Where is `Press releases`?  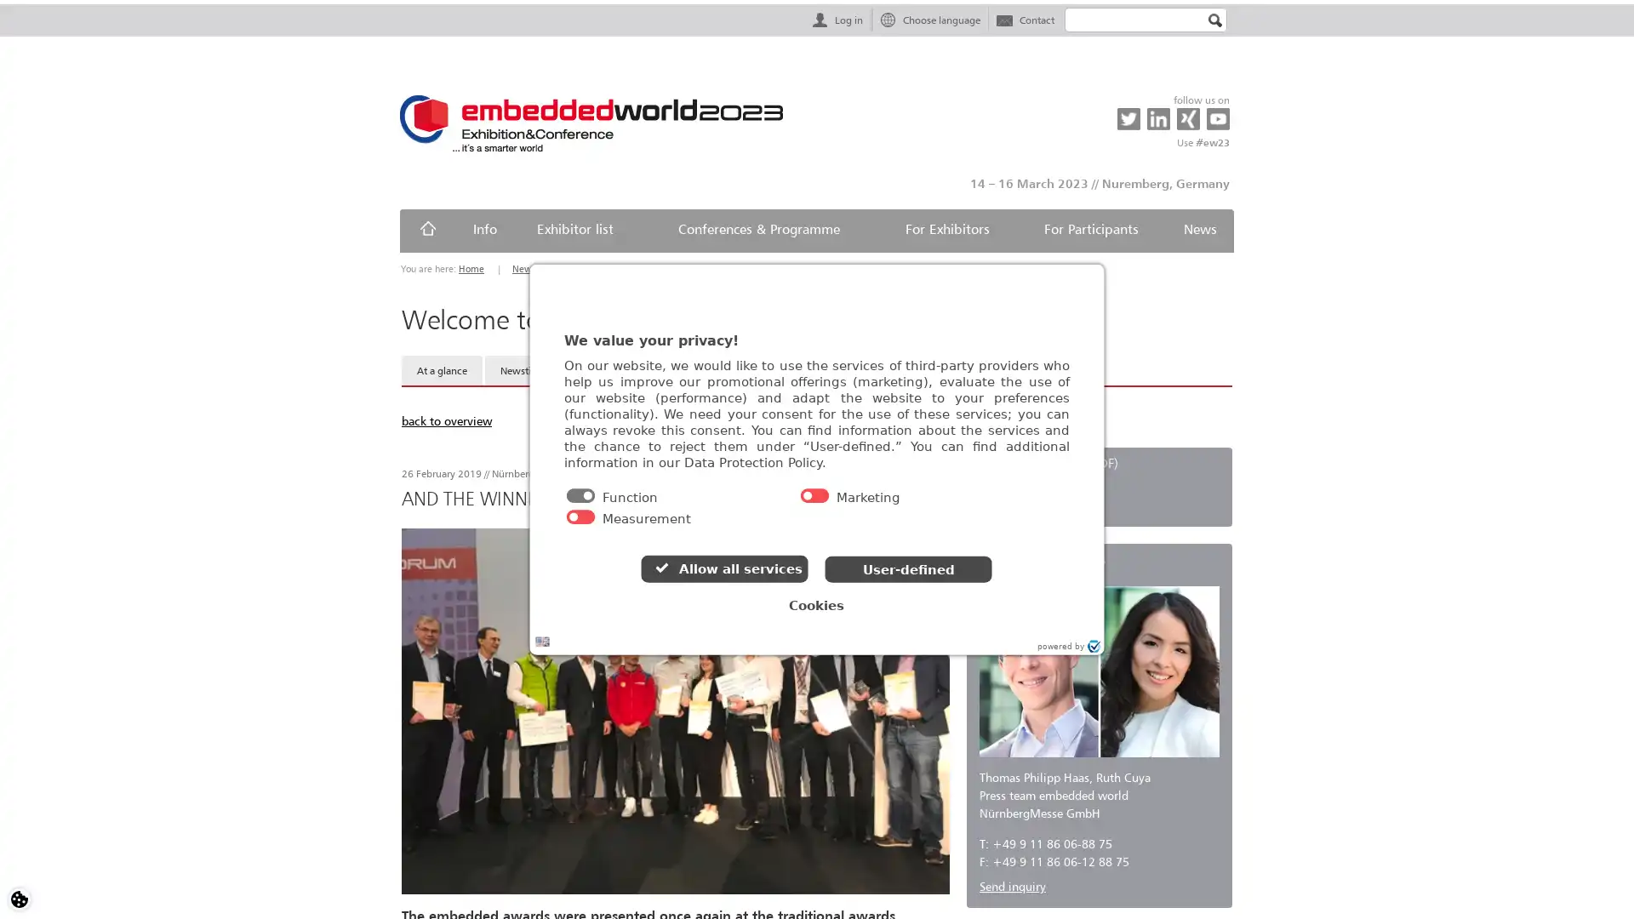 Press releases is located at coordinates (613, 369).